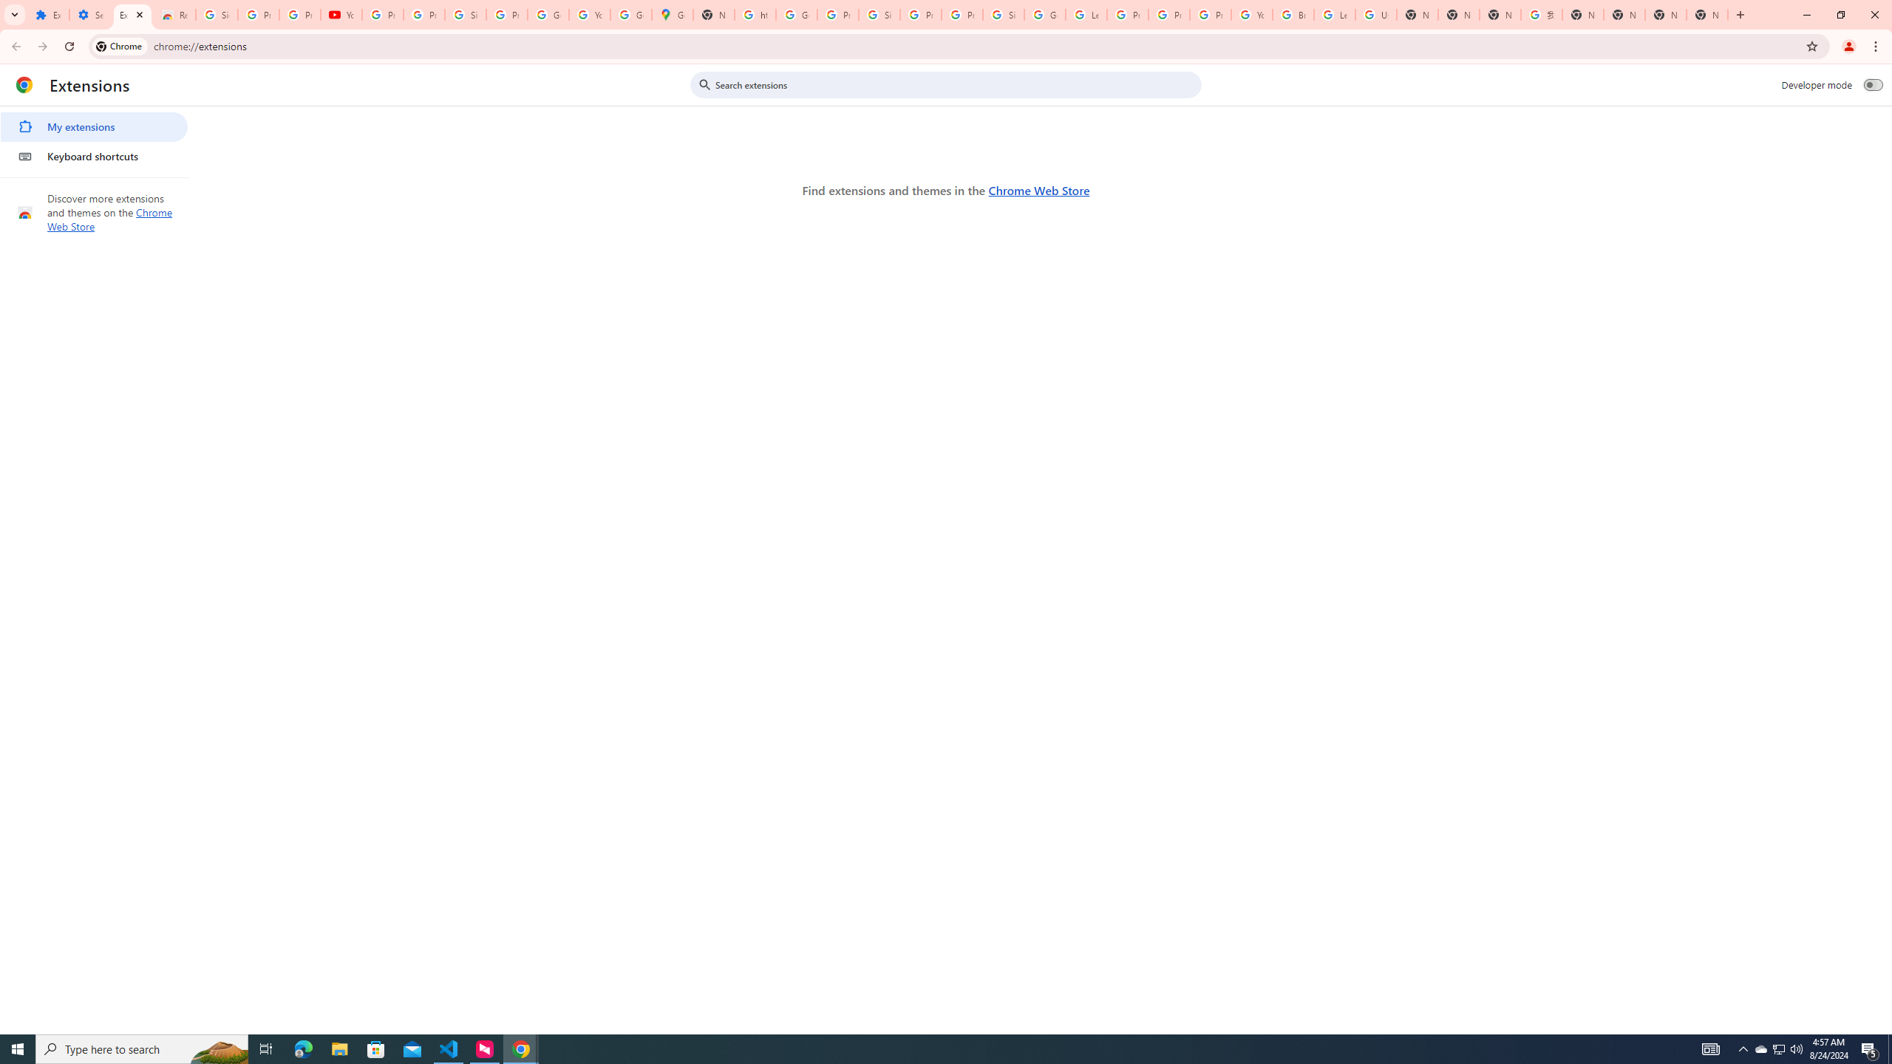 The width and height of the screenshot is (1892, 1064). What do you see at coordinates (48, 14) in the screenshot?
I see `'Extensions'` at bounding box center [48, 14].